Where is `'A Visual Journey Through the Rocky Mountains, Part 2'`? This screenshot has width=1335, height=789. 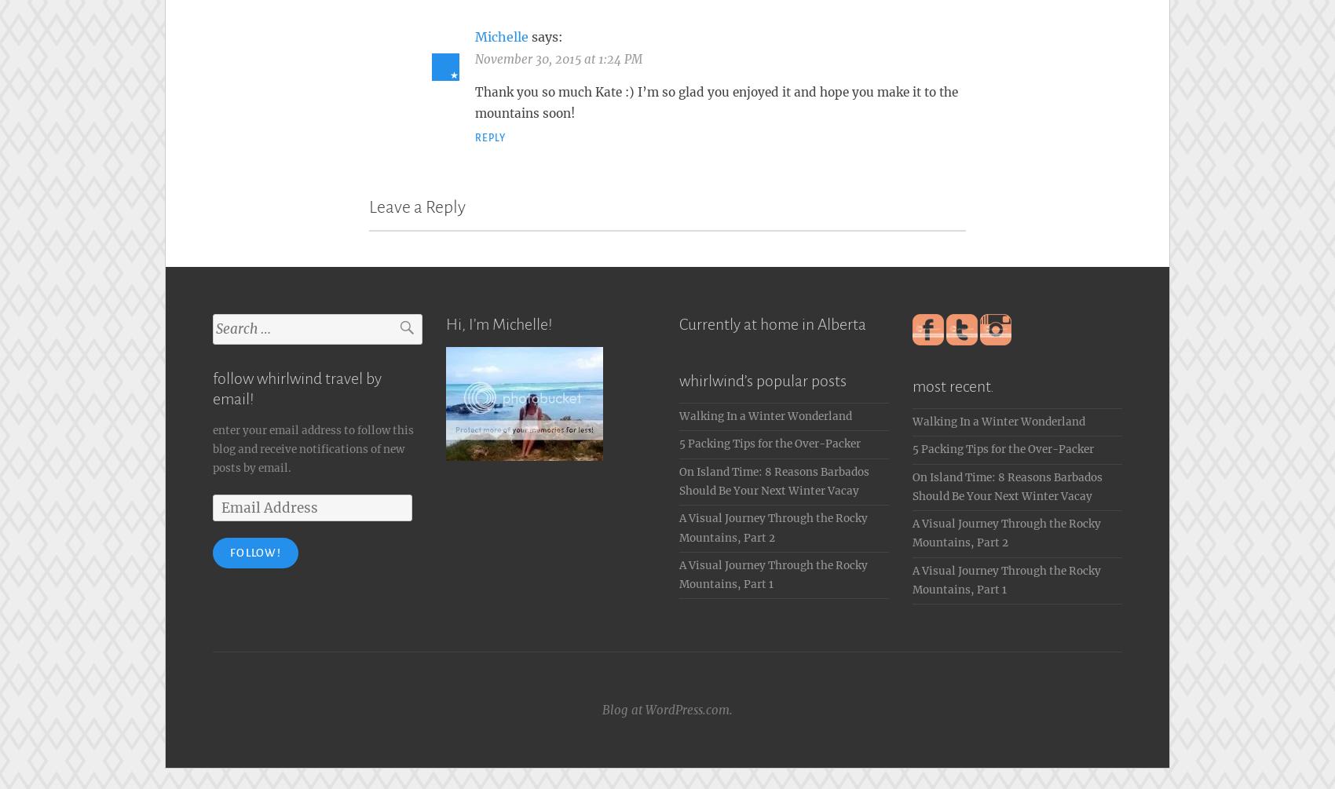
'A Visual Journey Through the Rocky Mountains, Part 2' is located at coordinates (1006, 529).